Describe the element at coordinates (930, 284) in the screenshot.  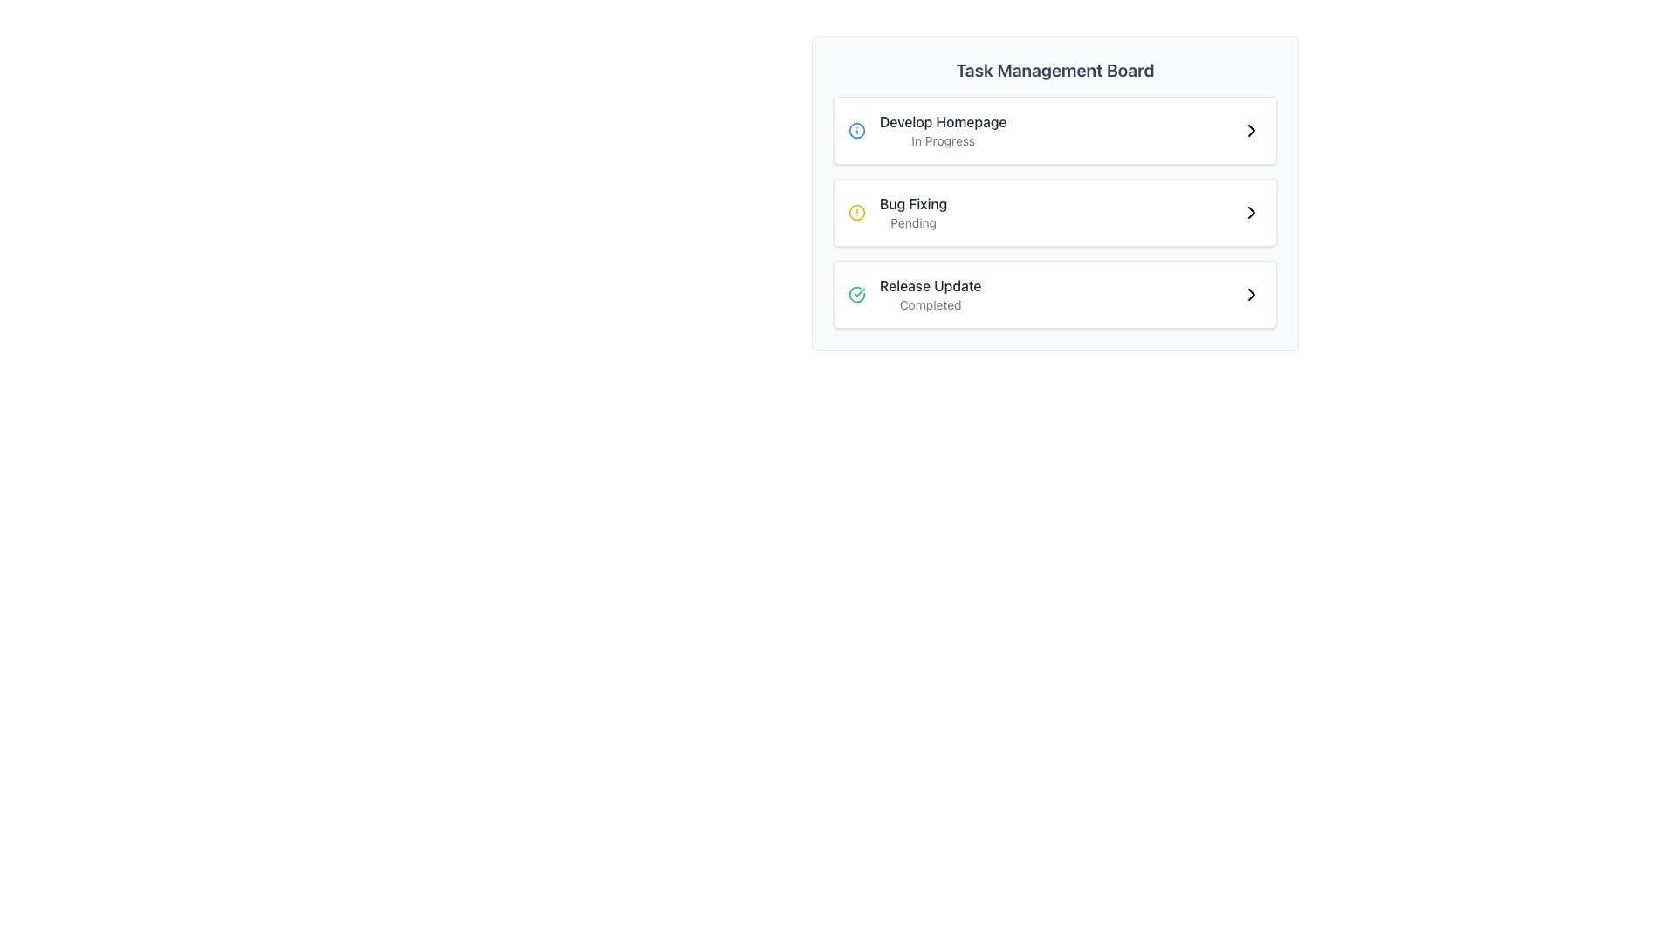
I see `text label 'Release Update' that identifies the task in the task management board, positioned above 'Completed' in the vertical list` at that location.